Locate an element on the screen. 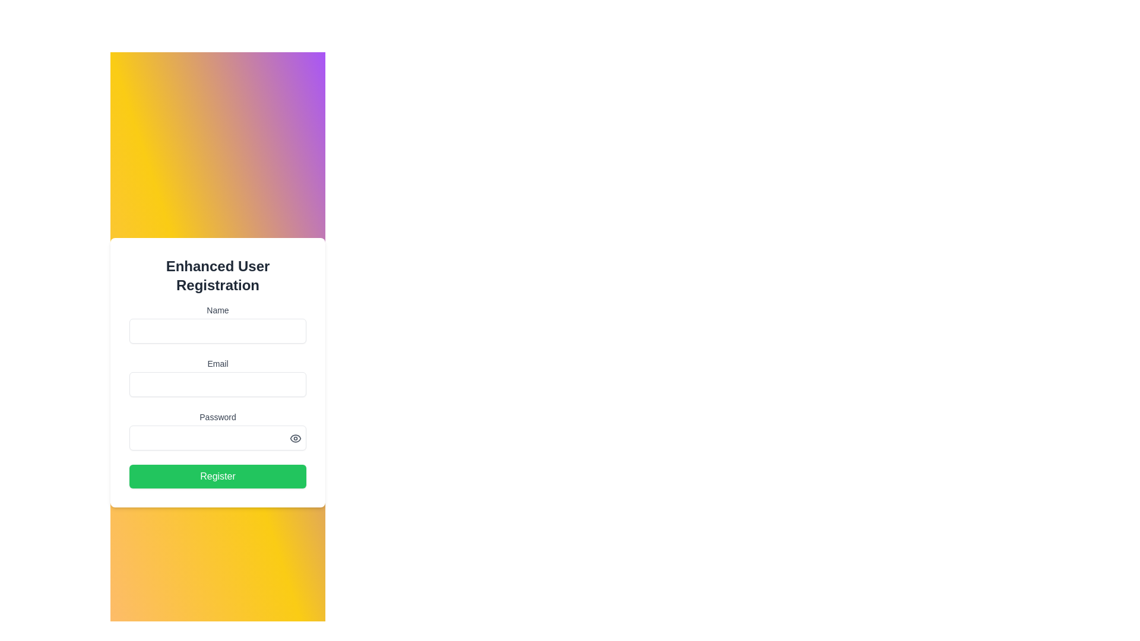 This screenshot has height=641, width=1140. the visibility indicator button, which is a small circular button with an eye icon located at the far-right edge of the password input field in the Enhanced User Registration form is located at coordinates (296, 439).